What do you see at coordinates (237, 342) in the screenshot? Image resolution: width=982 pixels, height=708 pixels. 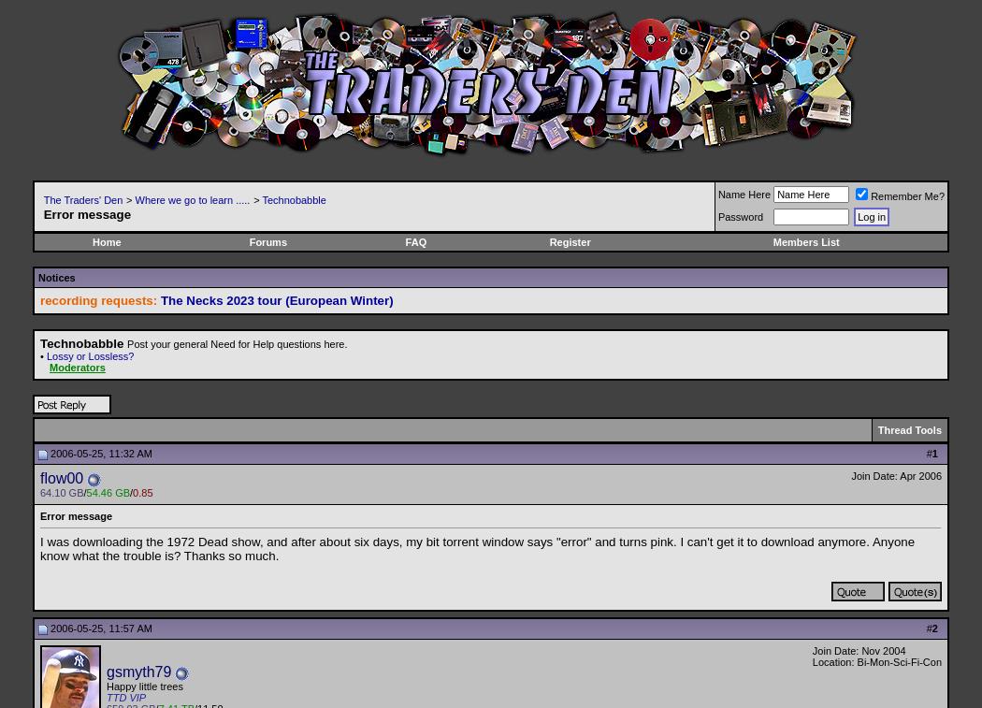 I see `'Post your general Need for Help questions here.'` at bounding box center [237, 342].